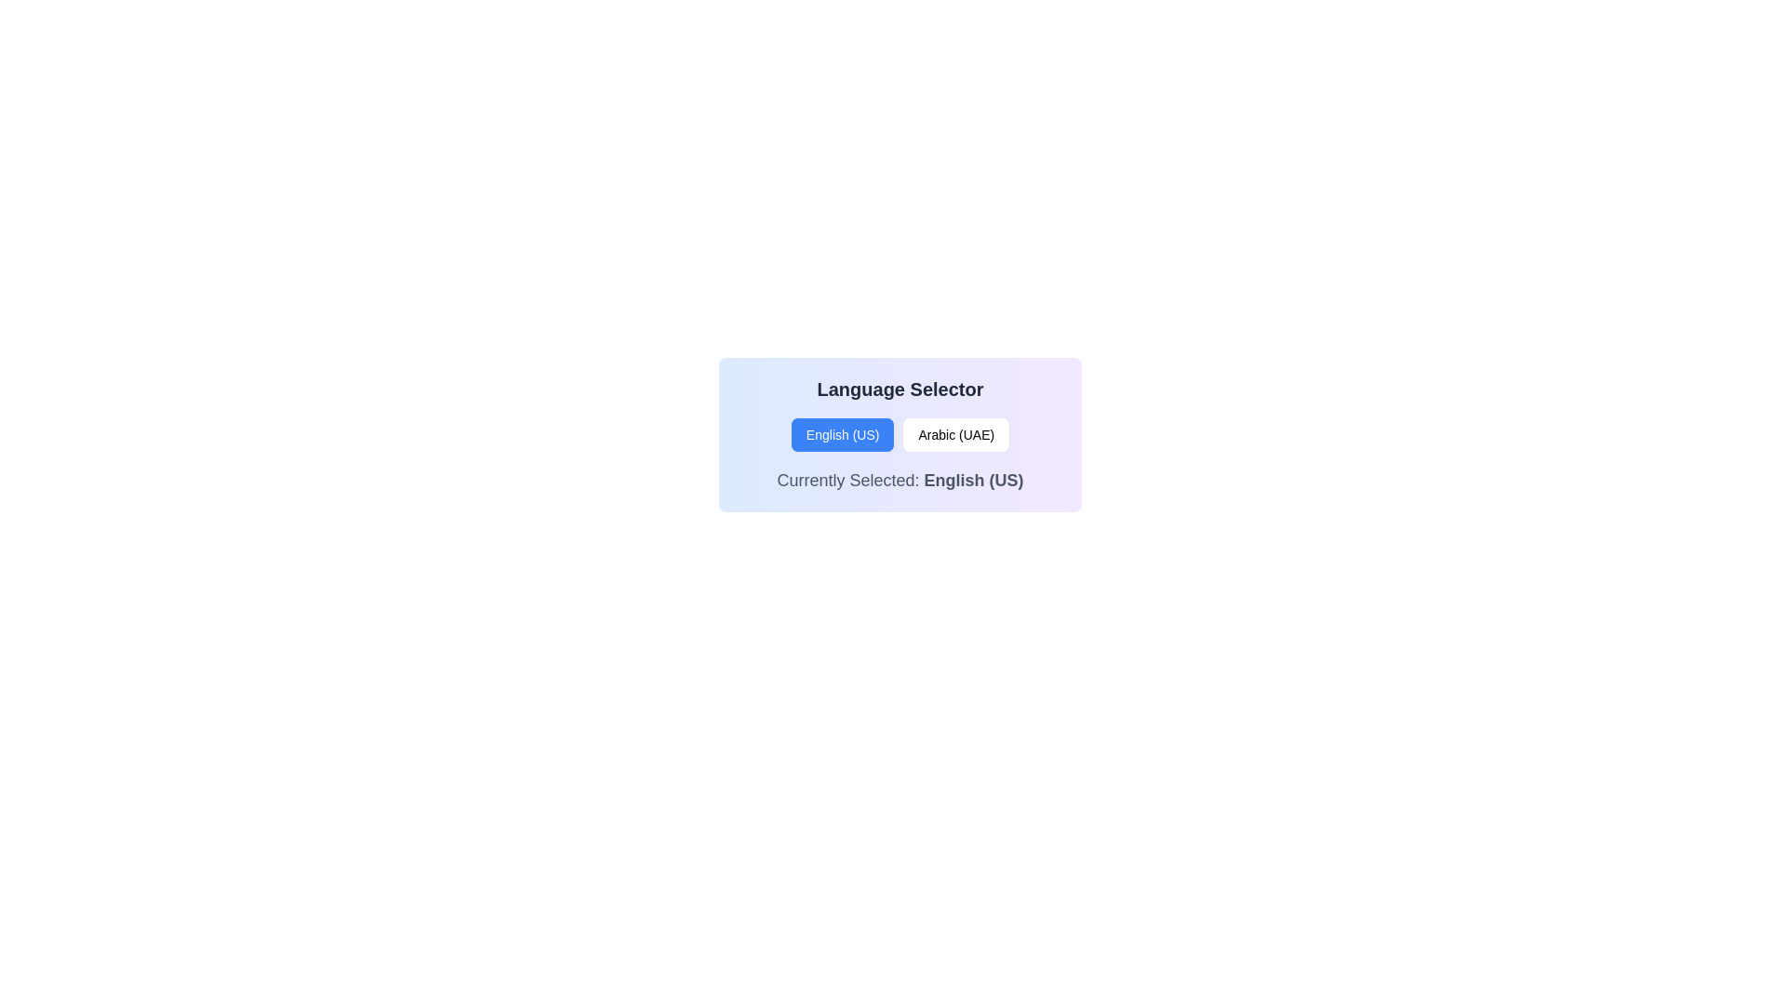  Describe the element at coordinates (900, 479) in the screenshot. I see `information displayed in the text label that states 'Currently Selected: English (US)', which is located below the language selection buttons` at that location.